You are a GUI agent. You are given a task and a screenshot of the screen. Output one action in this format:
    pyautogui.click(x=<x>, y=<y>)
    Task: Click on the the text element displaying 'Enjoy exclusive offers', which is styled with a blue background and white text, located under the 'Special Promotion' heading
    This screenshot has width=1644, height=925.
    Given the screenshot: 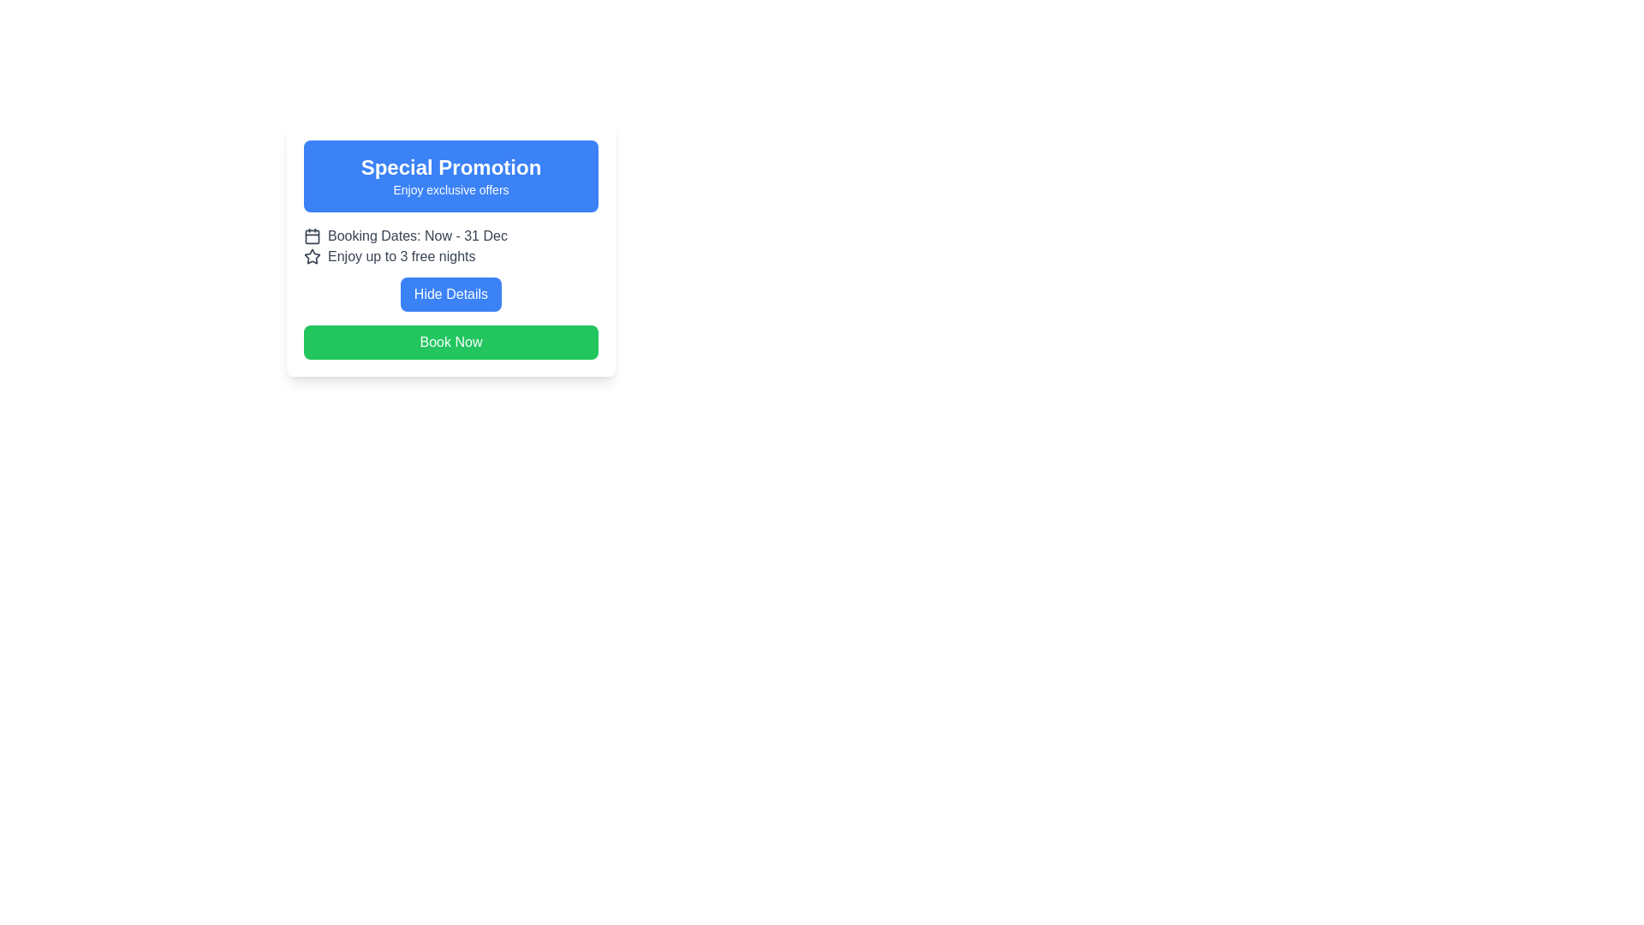 What is the action you would take?
    pyautogui.click(x=451, y=190)
    